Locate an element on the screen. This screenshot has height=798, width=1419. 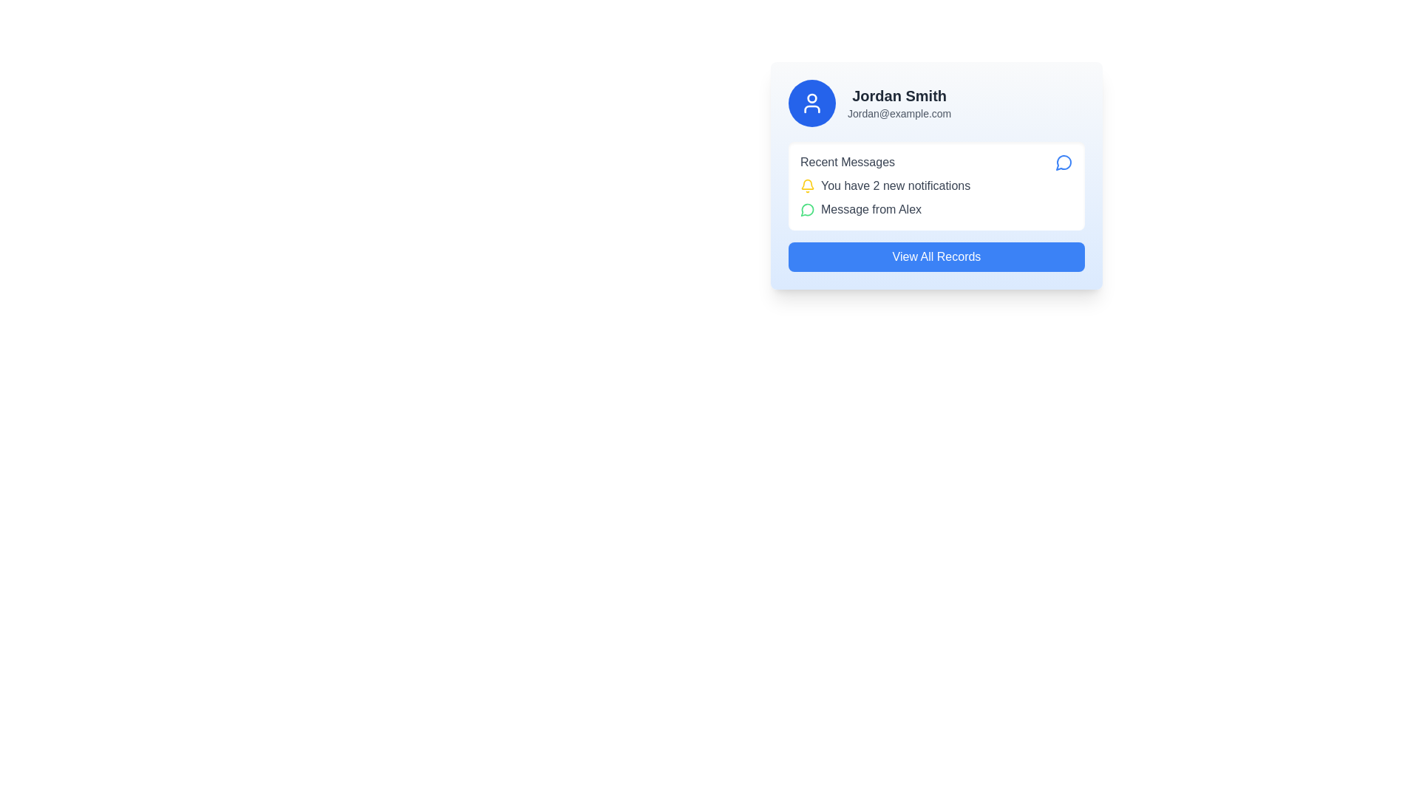
the SVG element representing part of the bell icon located at the top-right of the user information card layout is located at coordinates (807, 183).